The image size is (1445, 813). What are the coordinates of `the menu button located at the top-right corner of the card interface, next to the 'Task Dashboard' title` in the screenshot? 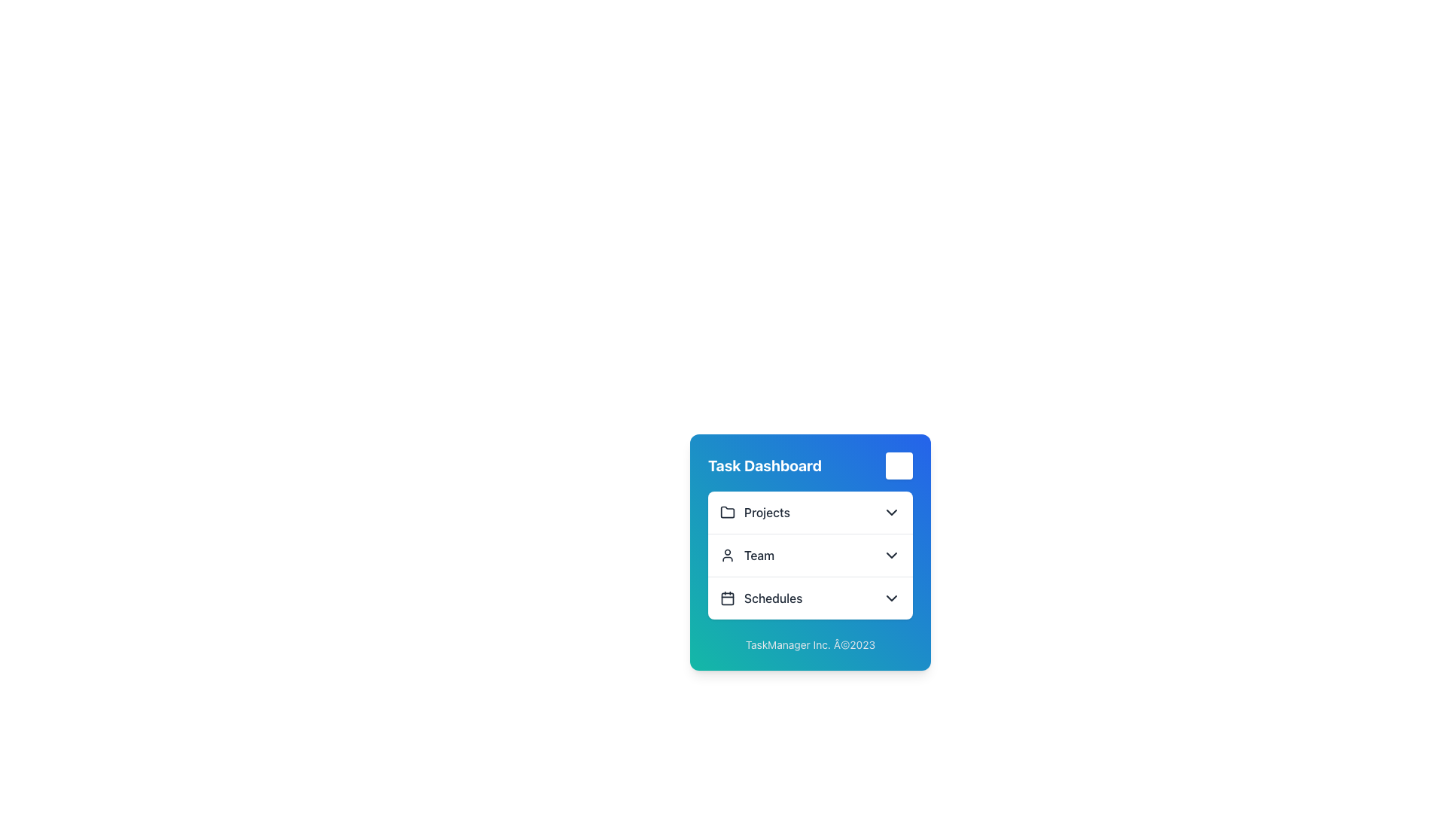 It's located at (899, 464).